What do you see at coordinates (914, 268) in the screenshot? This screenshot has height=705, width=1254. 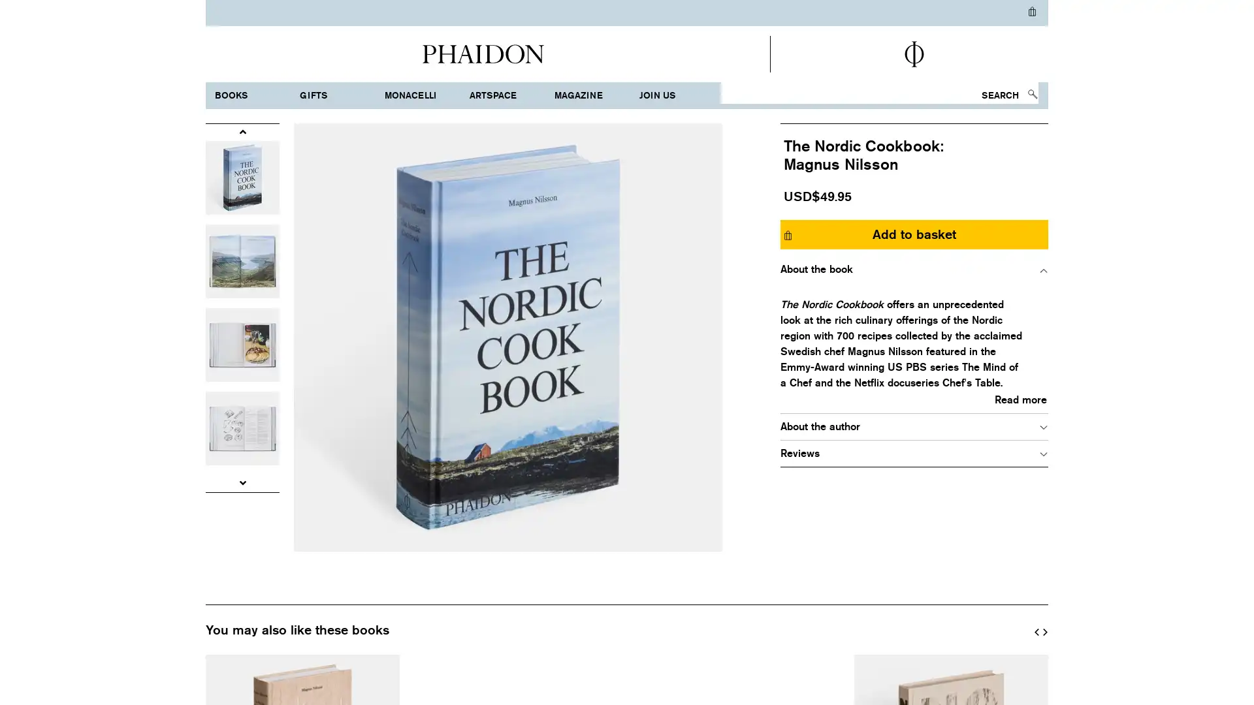 I see `About the book` at bounding box center [914, 268].